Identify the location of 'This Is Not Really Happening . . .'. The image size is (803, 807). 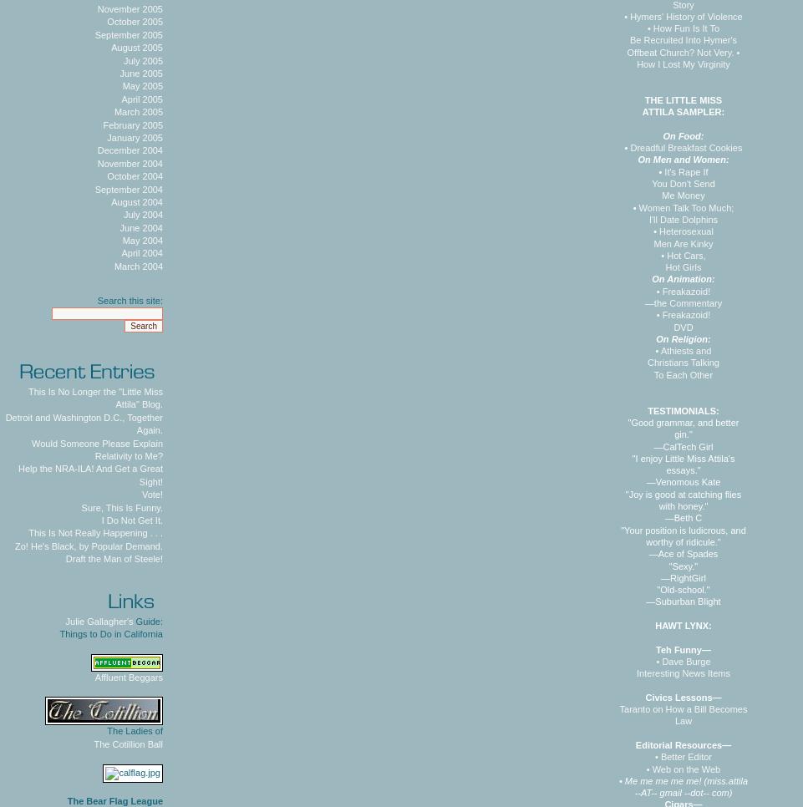
(94, 532).